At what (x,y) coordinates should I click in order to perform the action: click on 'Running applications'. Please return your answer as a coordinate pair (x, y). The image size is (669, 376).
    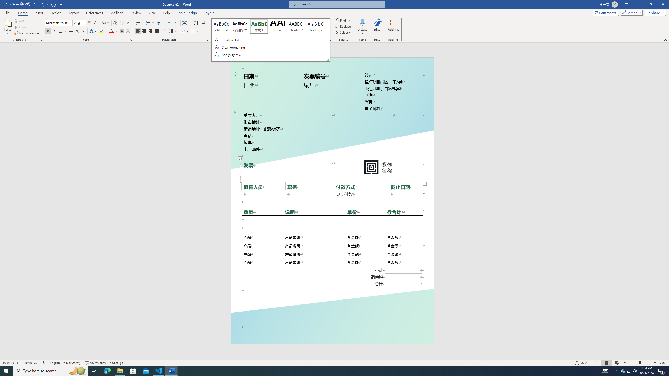
    Looking at the image, I should click on (330, 370).